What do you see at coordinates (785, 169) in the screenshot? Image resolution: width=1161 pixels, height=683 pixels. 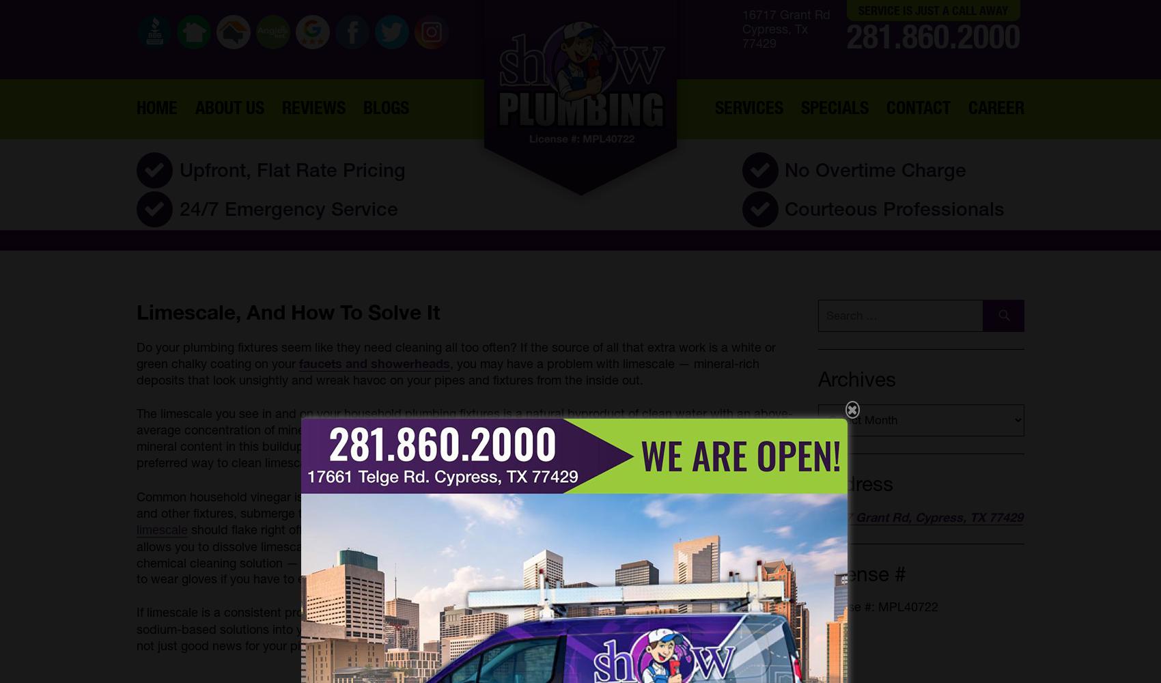 I see `'No Overtime Charge'` at bounding box center [785, 169].